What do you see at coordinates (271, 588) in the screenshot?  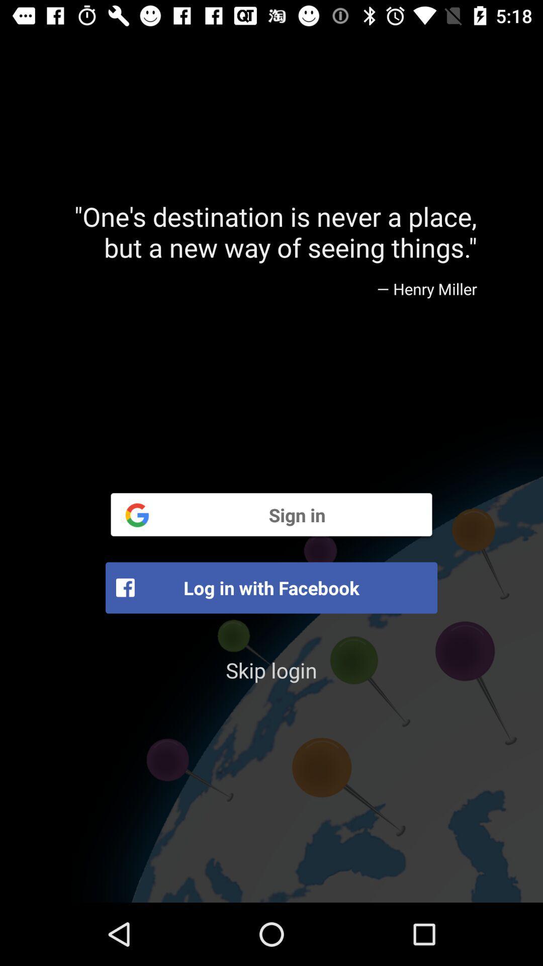 I see `icon above skip login item` at bounding box center [271, 588].